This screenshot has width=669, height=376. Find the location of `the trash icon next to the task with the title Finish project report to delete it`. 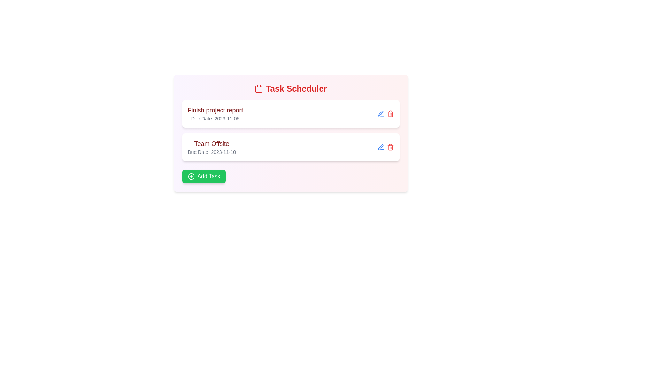

the trash icon next to the task with the title Finish project report to delete it is located at coordinates (390, 113).